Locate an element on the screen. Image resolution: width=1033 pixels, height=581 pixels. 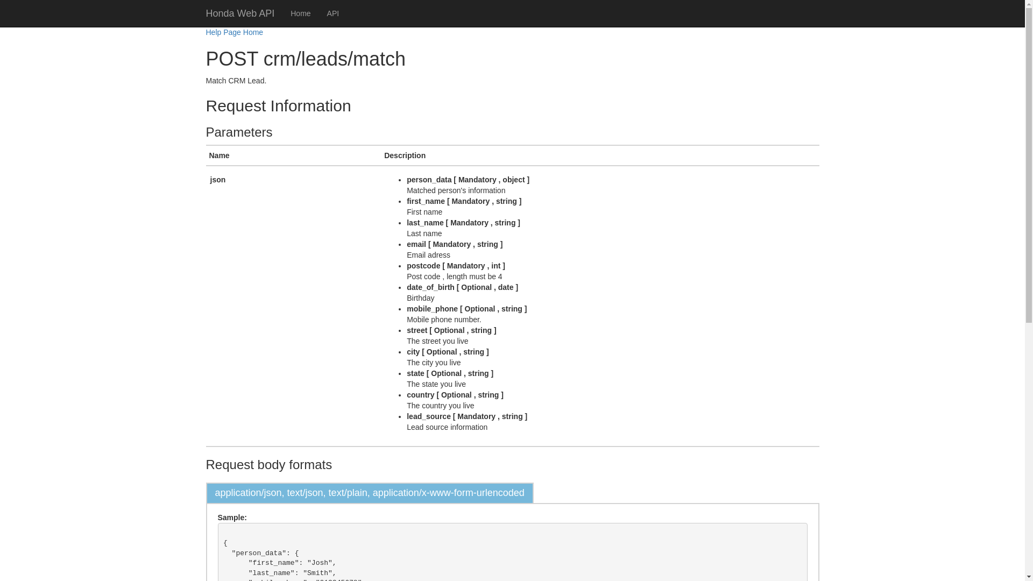
'Honda Web API' is located at coordinates (198, 13).